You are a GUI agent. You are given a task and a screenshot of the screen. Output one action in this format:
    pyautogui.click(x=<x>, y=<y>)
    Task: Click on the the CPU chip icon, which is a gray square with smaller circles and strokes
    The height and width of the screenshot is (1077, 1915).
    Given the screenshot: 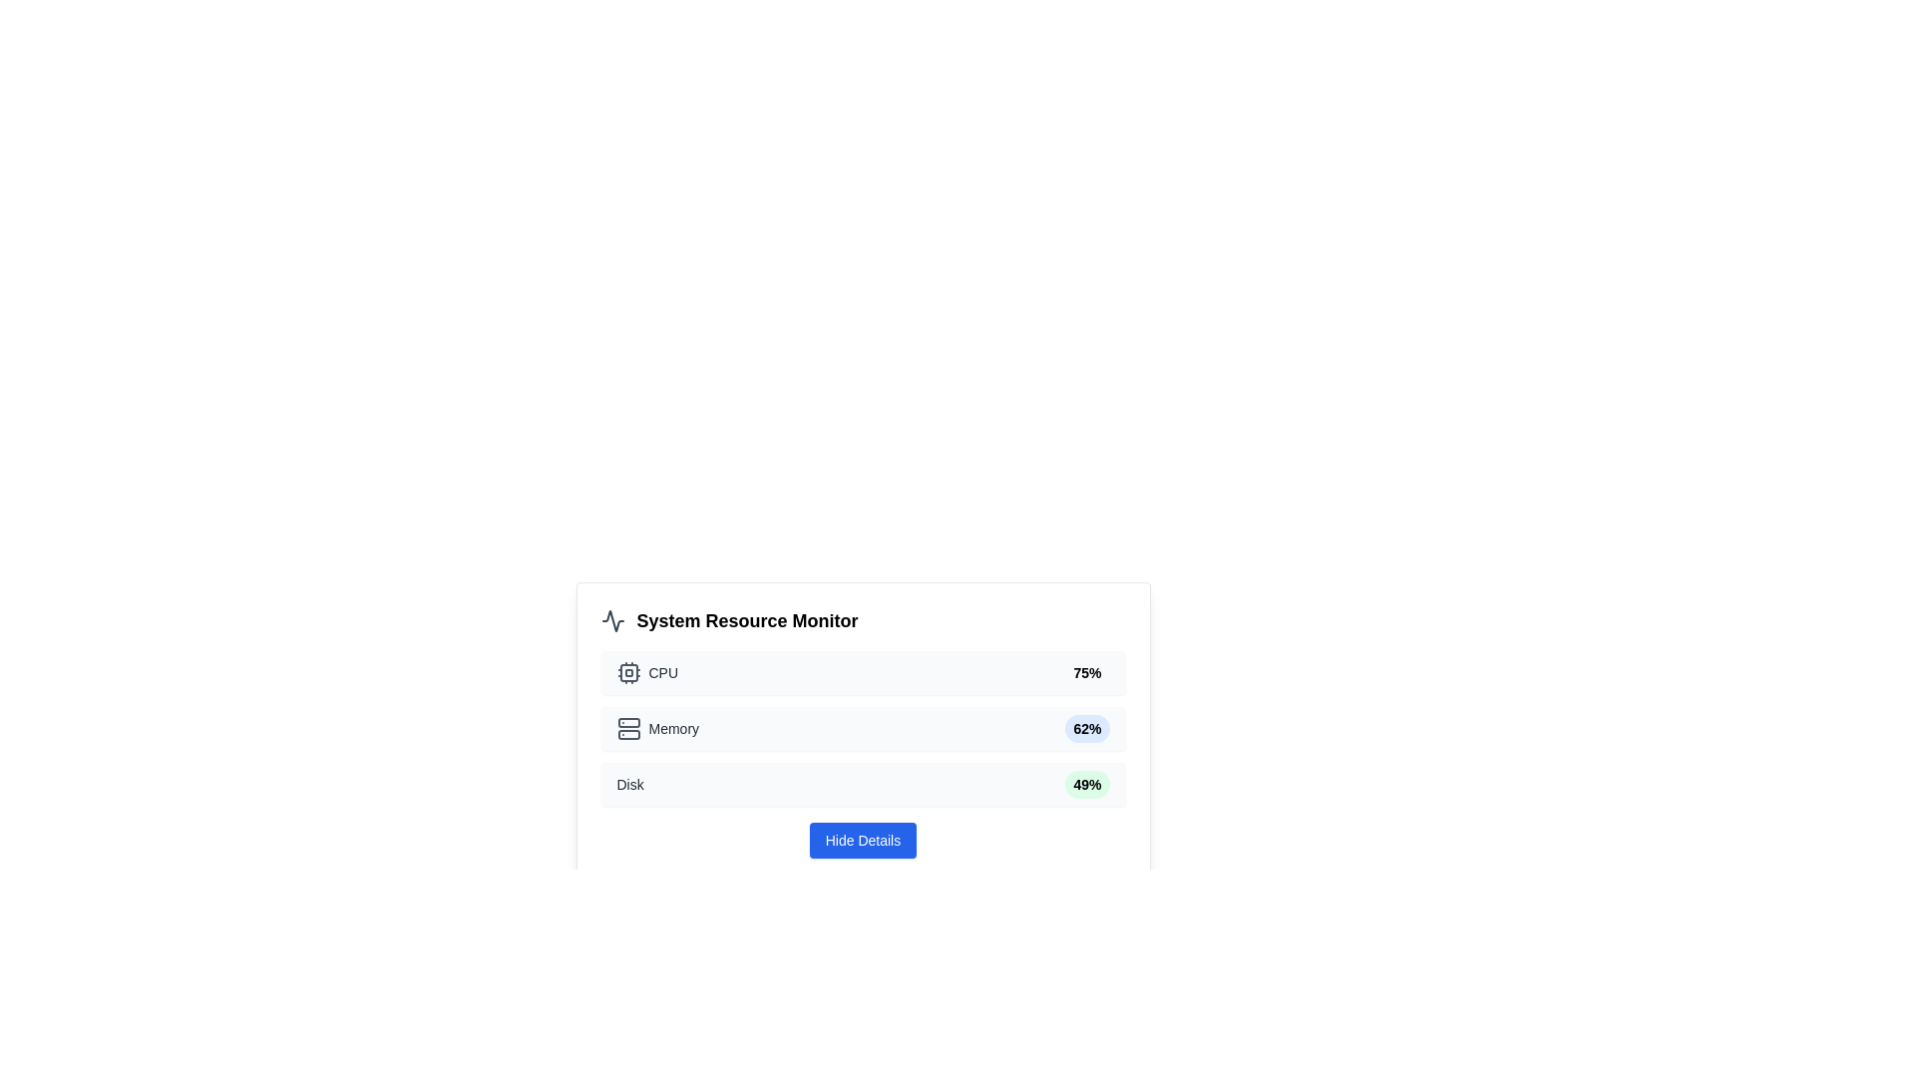 What is the action you would take?
    pyautogui.click(x=627, y=673)
    